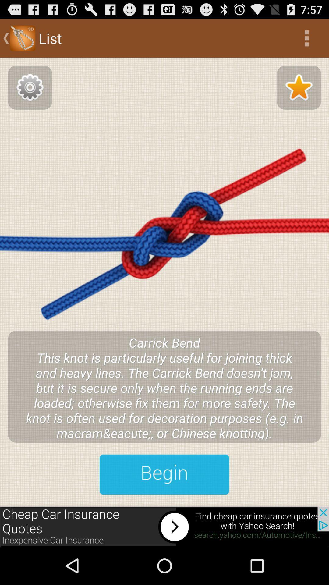  Describe the element at coordinates (30, 93) in the screenshot. I see `the settings icon` at that location.